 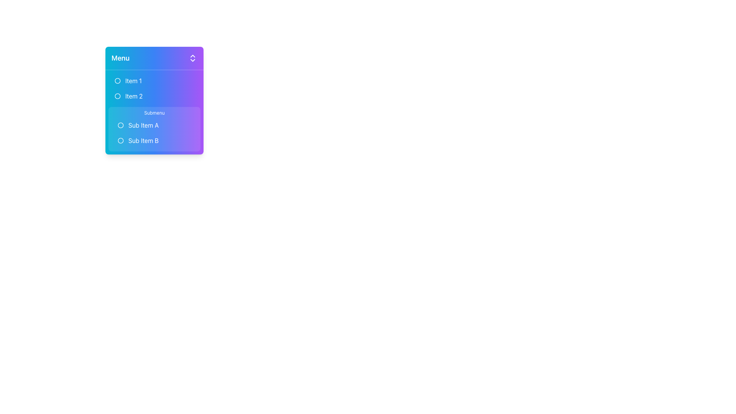 What do you see at coordinates (117, 81) in the screenshot?
I see `the first circular icon in the menu interface` at bounding box center [117, 81].